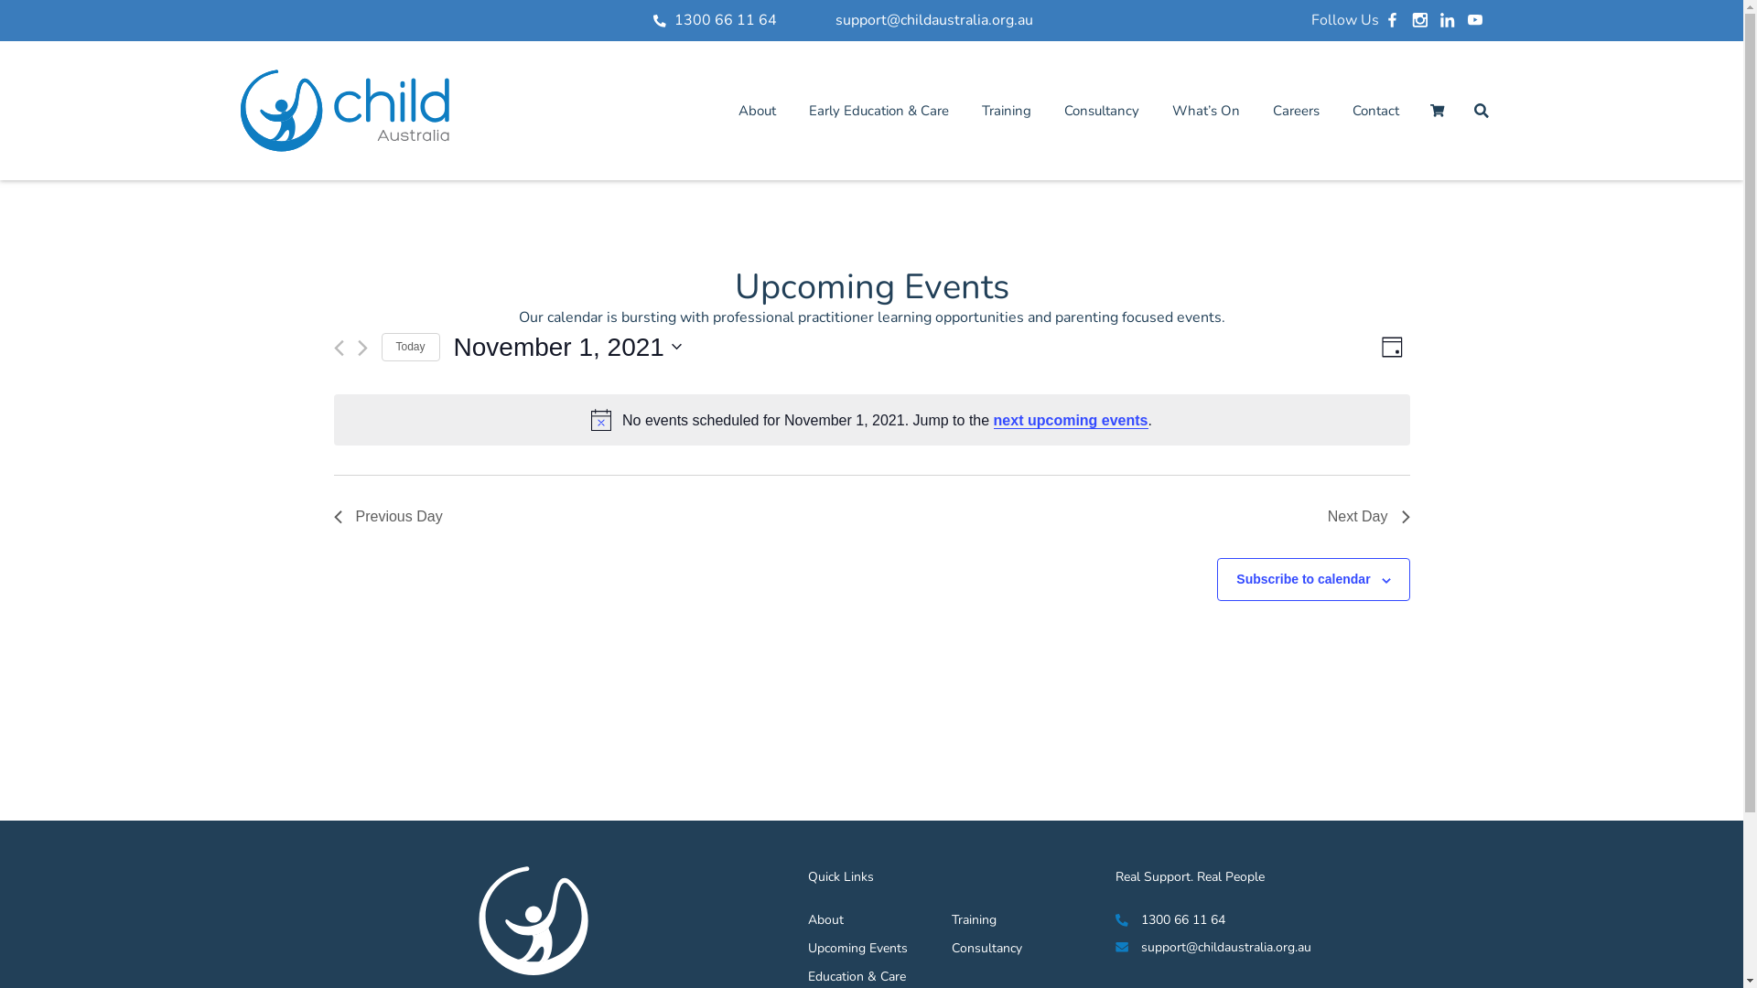  I want to click on 'Day', so click(1391, 347).